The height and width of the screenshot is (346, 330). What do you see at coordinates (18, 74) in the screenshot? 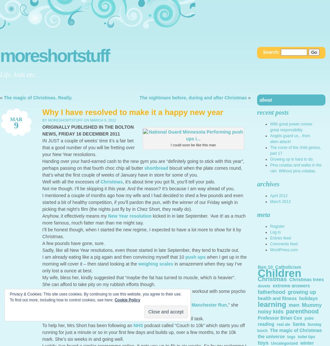
I see `'Life, kids etc.'` at bounding box center [18, 74].